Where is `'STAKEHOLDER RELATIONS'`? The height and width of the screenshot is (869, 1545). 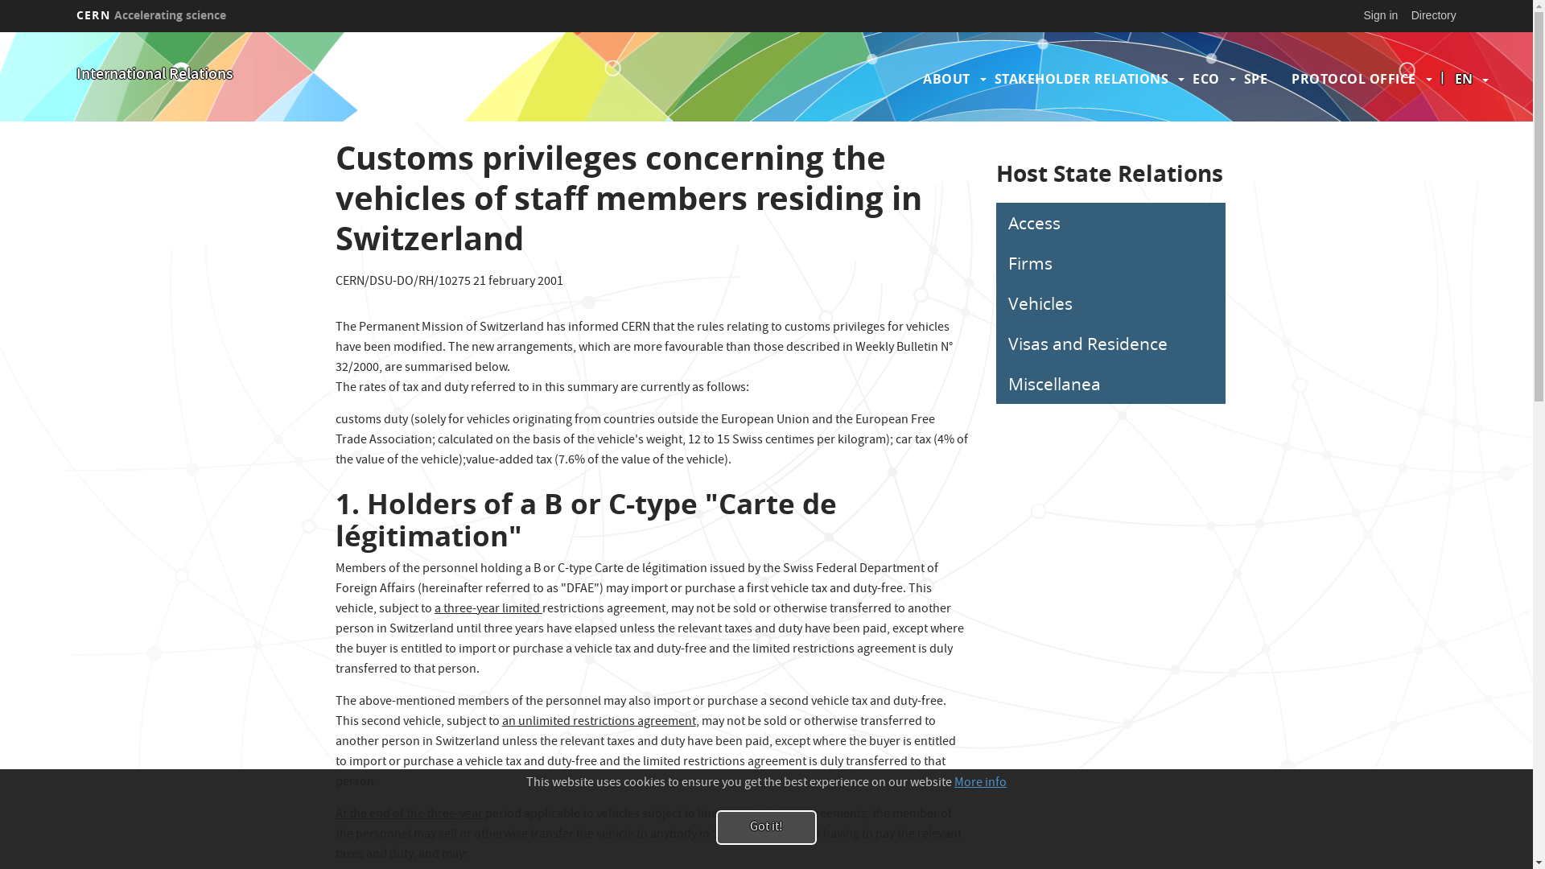 'STAKEHOLDER RELATIONS' is located at coordinates (1081, 78).